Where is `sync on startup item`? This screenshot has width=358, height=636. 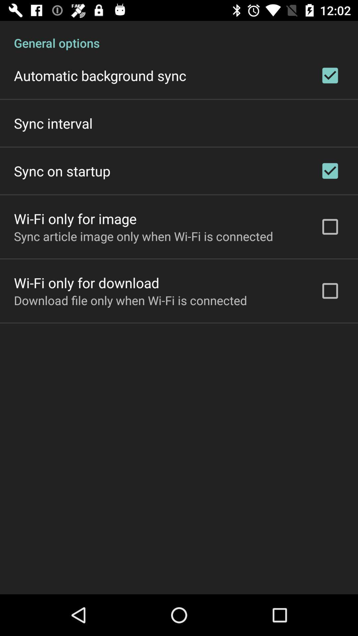 sync on startup item is located at coordinates (62, 171).